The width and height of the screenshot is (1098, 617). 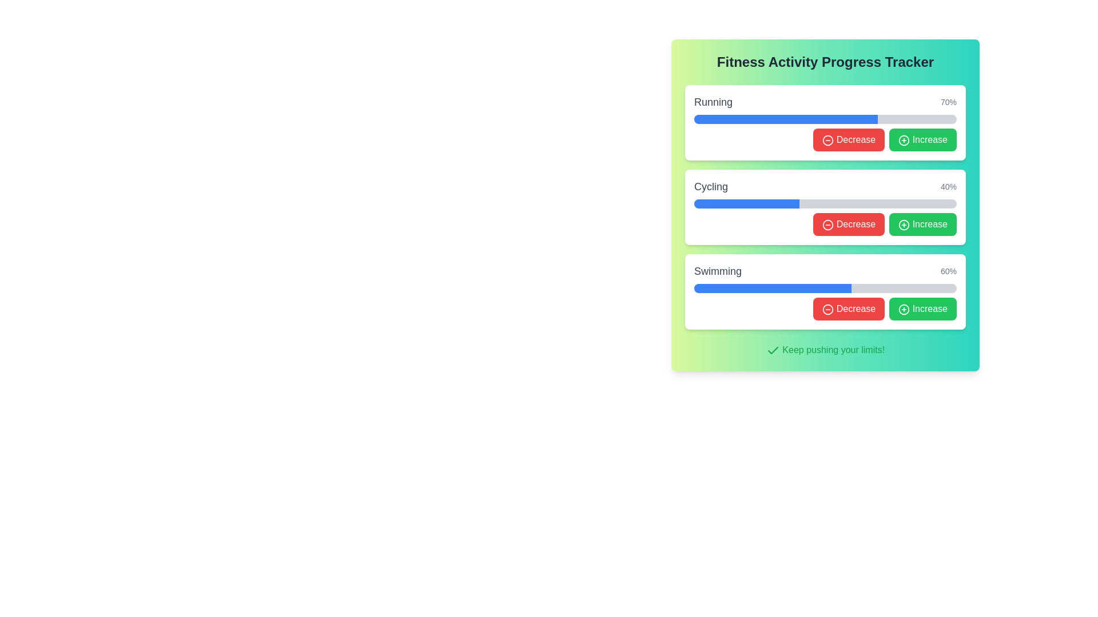 What do you see at coordinates (949, 186) in the screenshot?
I see `text label displaying '40%' positioned to the far right of the 'Cycling' title in the second row of progress trackers` at bounding box center [949, 186].